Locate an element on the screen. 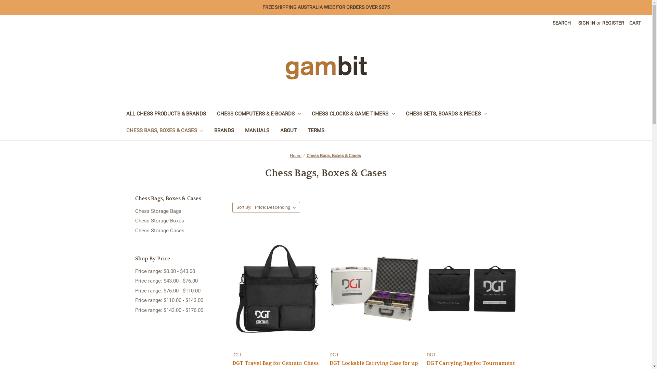  'BRANDS' is located at coordinates (224, 131).